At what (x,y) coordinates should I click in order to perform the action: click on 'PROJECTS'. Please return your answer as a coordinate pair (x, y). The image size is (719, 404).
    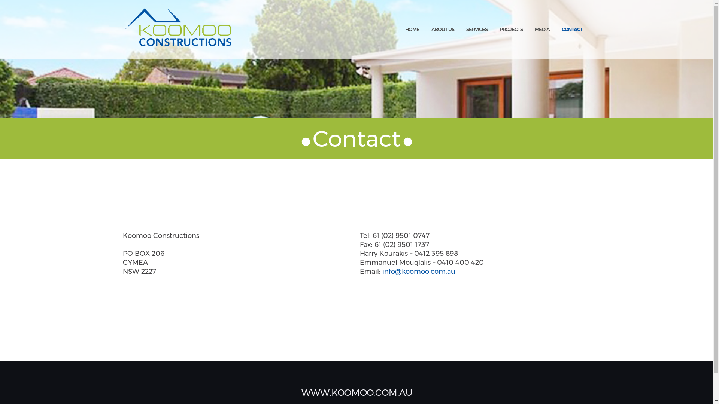
    Looking at the image, I should click on (510, 29).